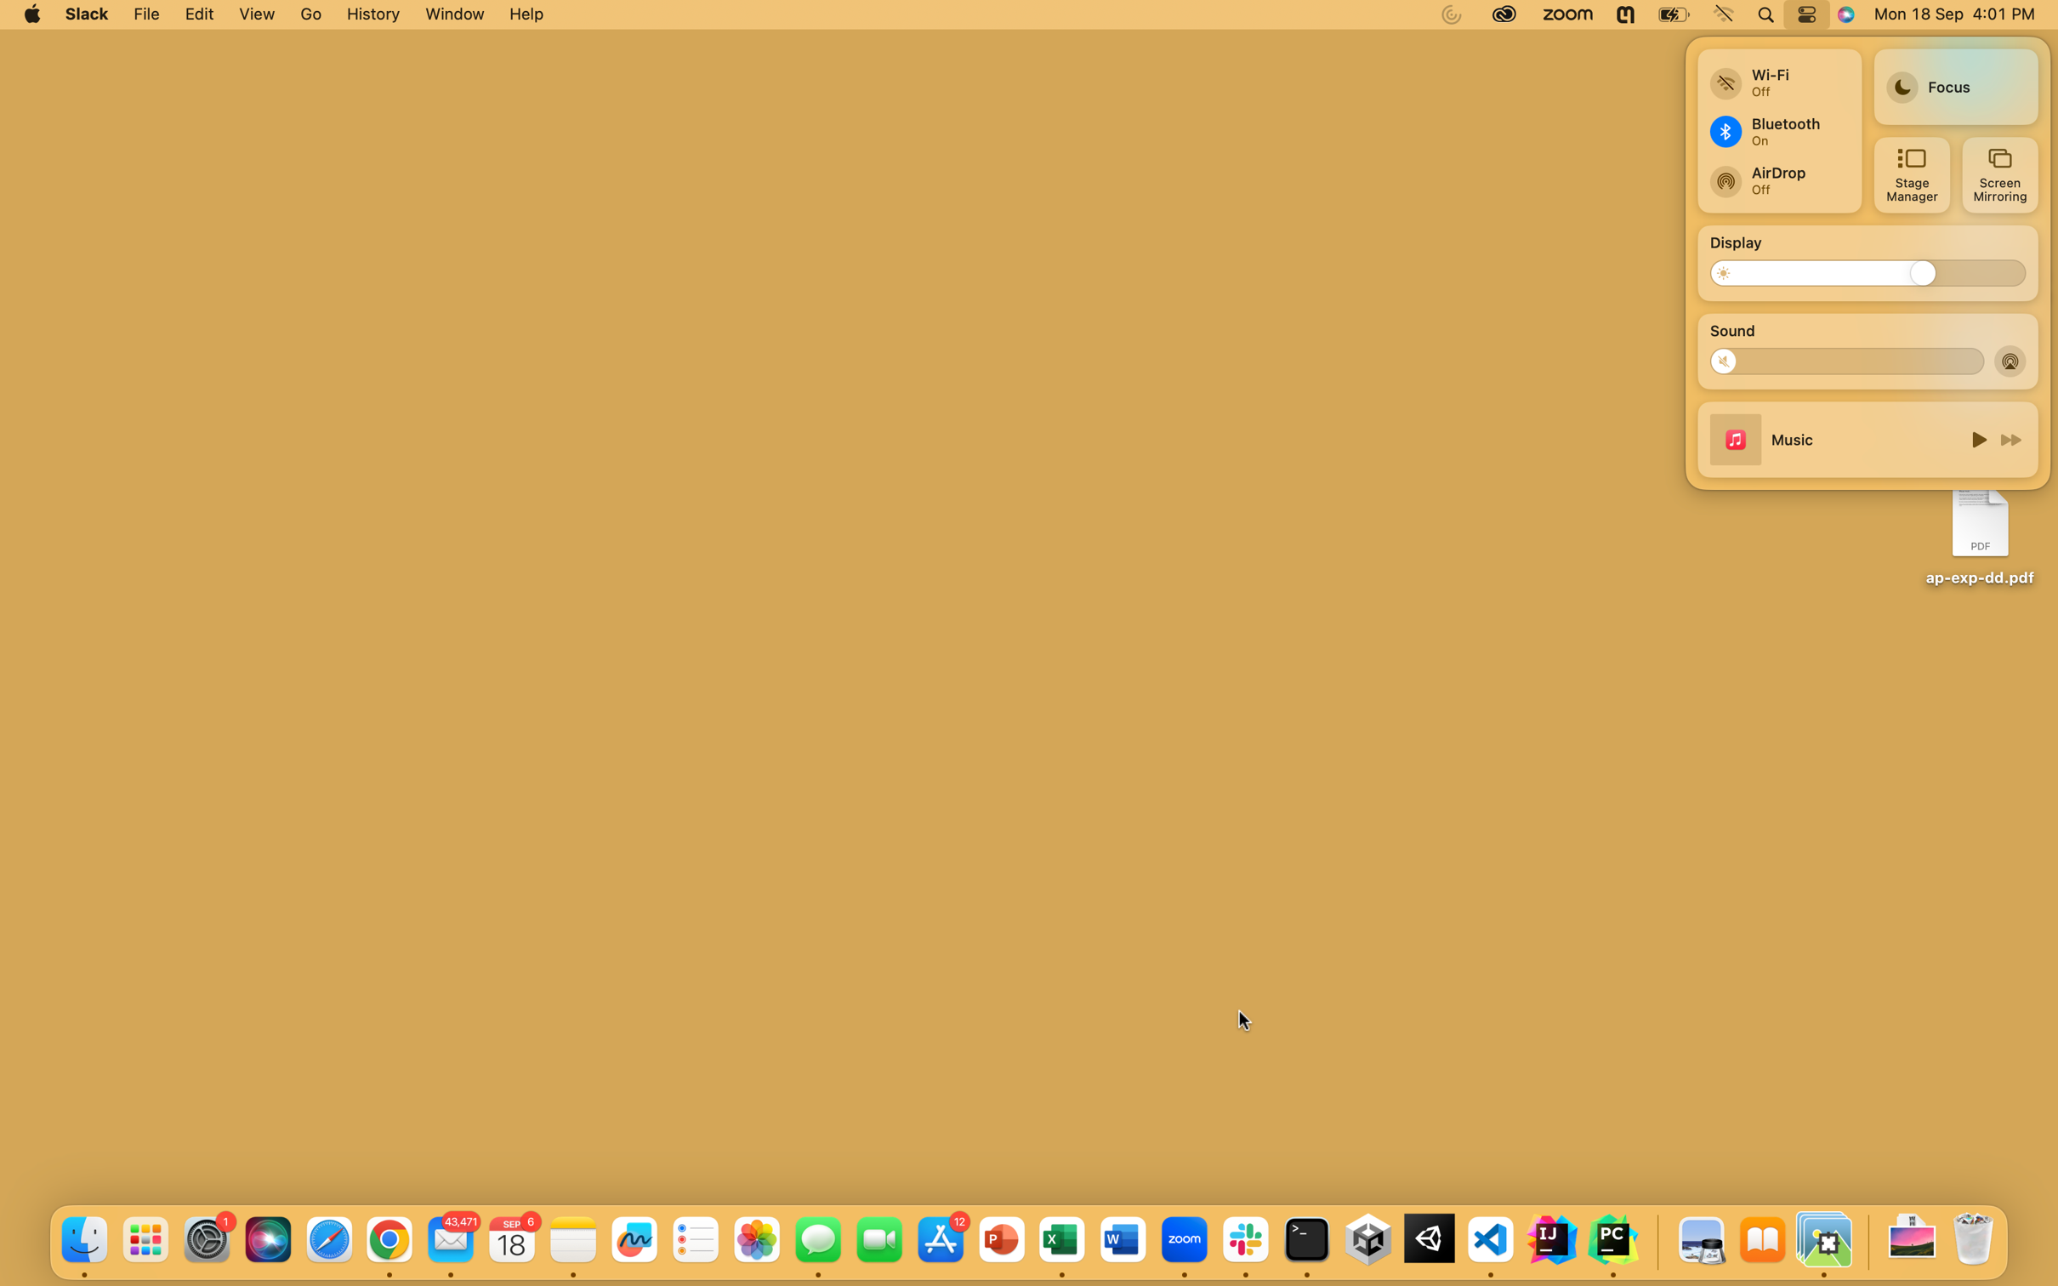 The image size is (2058, 1286). I want to click on the currently playing music, so click(1976, 438).